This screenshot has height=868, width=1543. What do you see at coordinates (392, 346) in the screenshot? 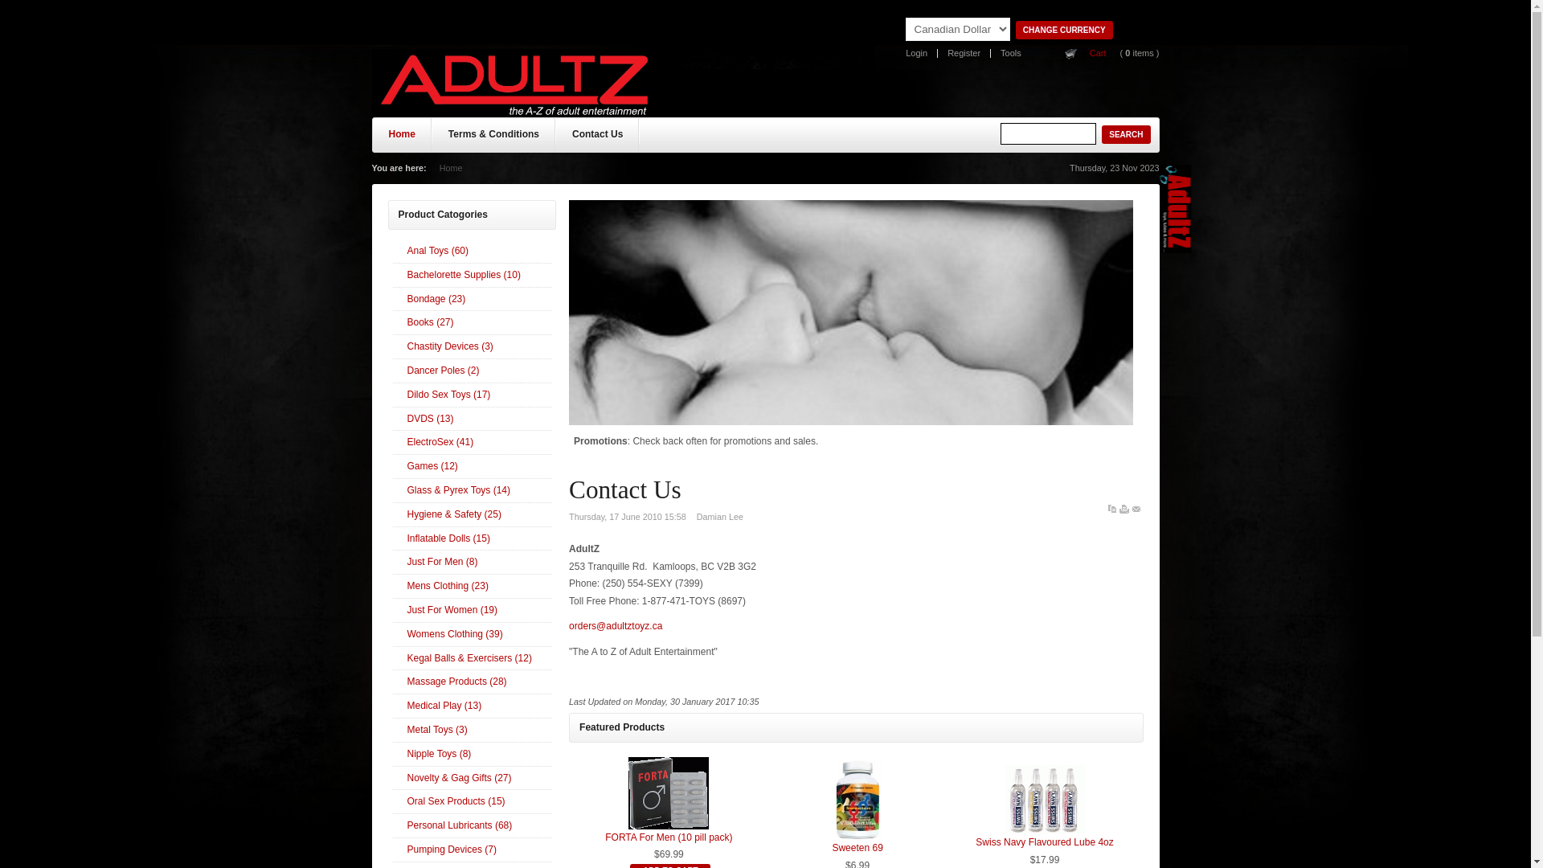
I see `'Chastity Devices (3)'` at bounding box center [392, 346].